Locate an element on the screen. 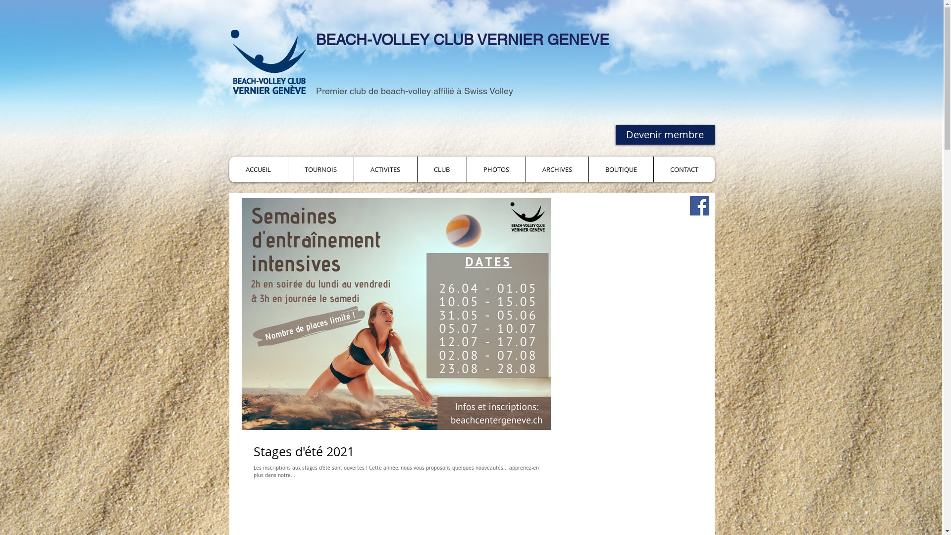  'PHOTOS' is located at coordinates (496, 169).